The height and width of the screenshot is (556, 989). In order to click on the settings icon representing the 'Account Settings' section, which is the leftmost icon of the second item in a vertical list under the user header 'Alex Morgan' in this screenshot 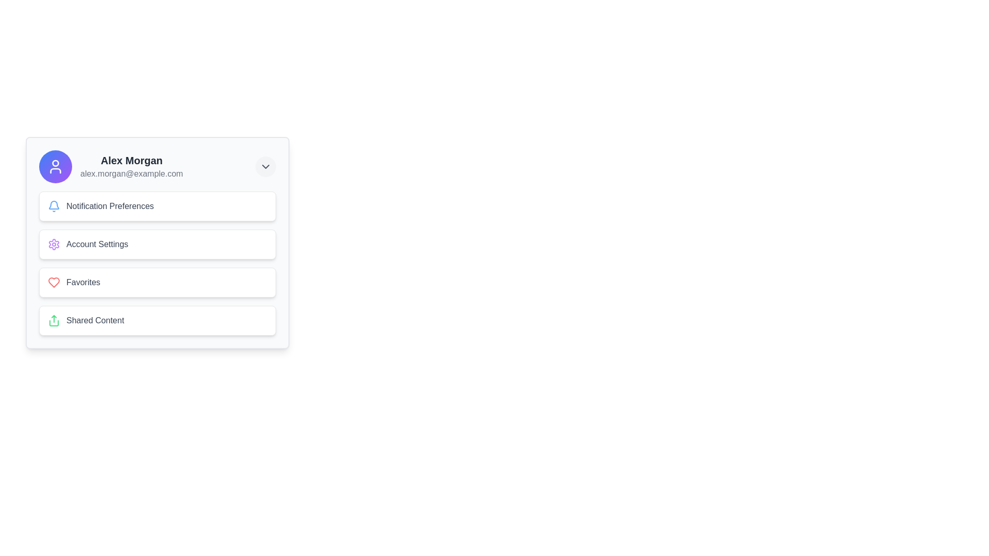, I will do `click(54, 244)`.